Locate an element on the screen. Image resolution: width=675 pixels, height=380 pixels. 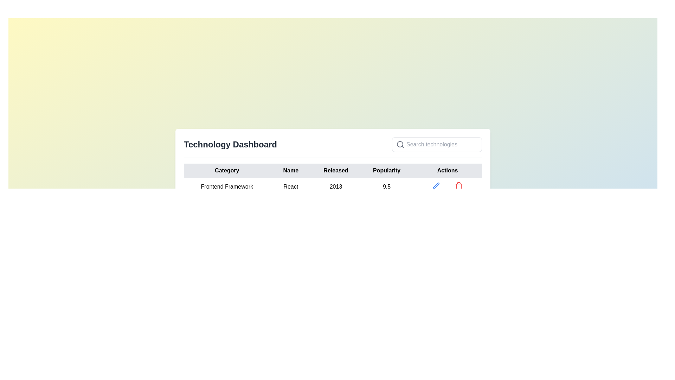
the search icon that signifies the search functionality, located at the leftmost side of the 'Search technologies' input field, vertically centered is located at coordinates (400, 144).